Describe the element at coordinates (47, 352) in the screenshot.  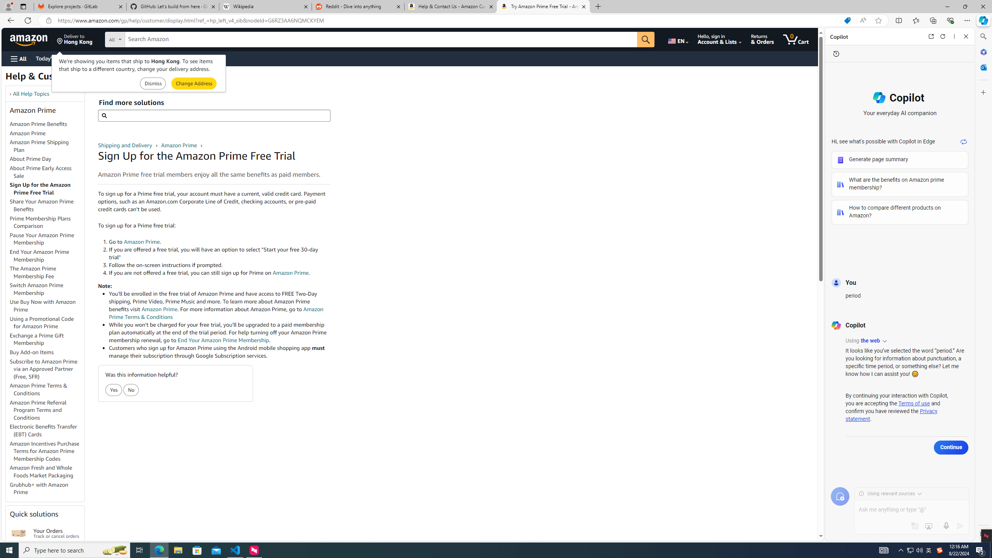
I see `'Buy Add-on Items'` at that location.